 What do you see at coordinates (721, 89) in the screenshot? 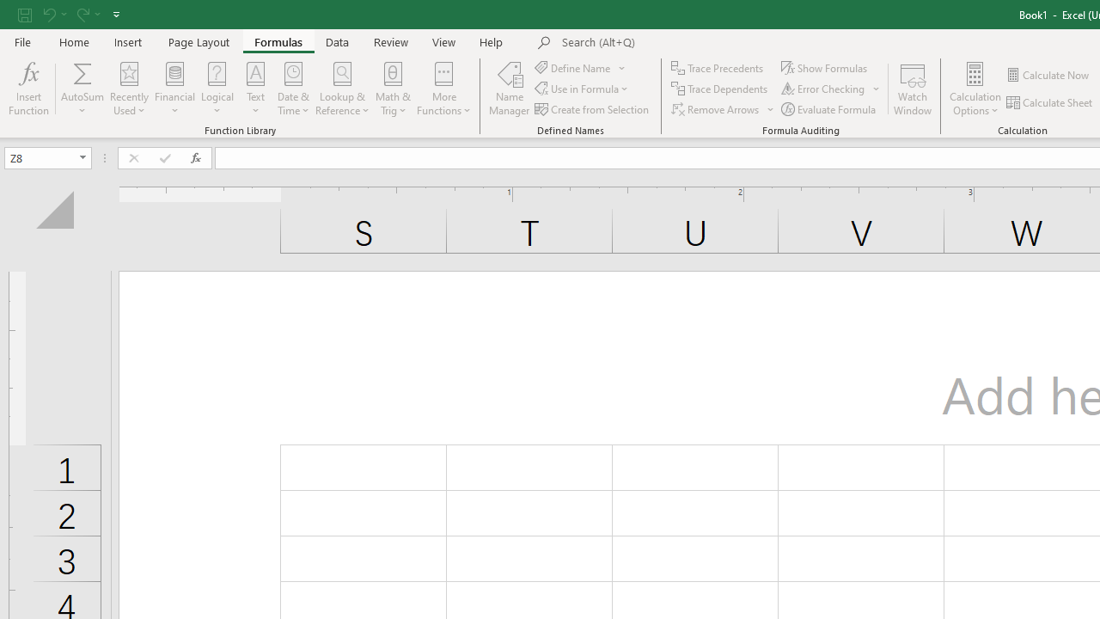
I see `'Trace Dependents'` at bounding box center [721, 89].